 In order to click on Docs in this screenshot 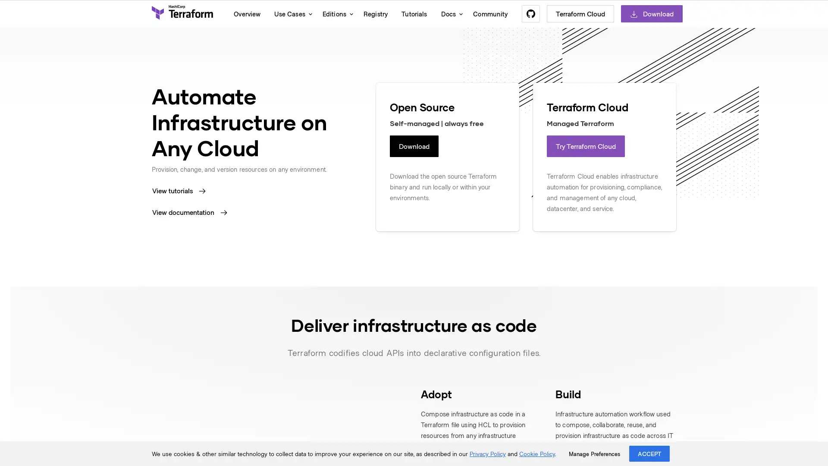, I will do `click(449, 13)`.